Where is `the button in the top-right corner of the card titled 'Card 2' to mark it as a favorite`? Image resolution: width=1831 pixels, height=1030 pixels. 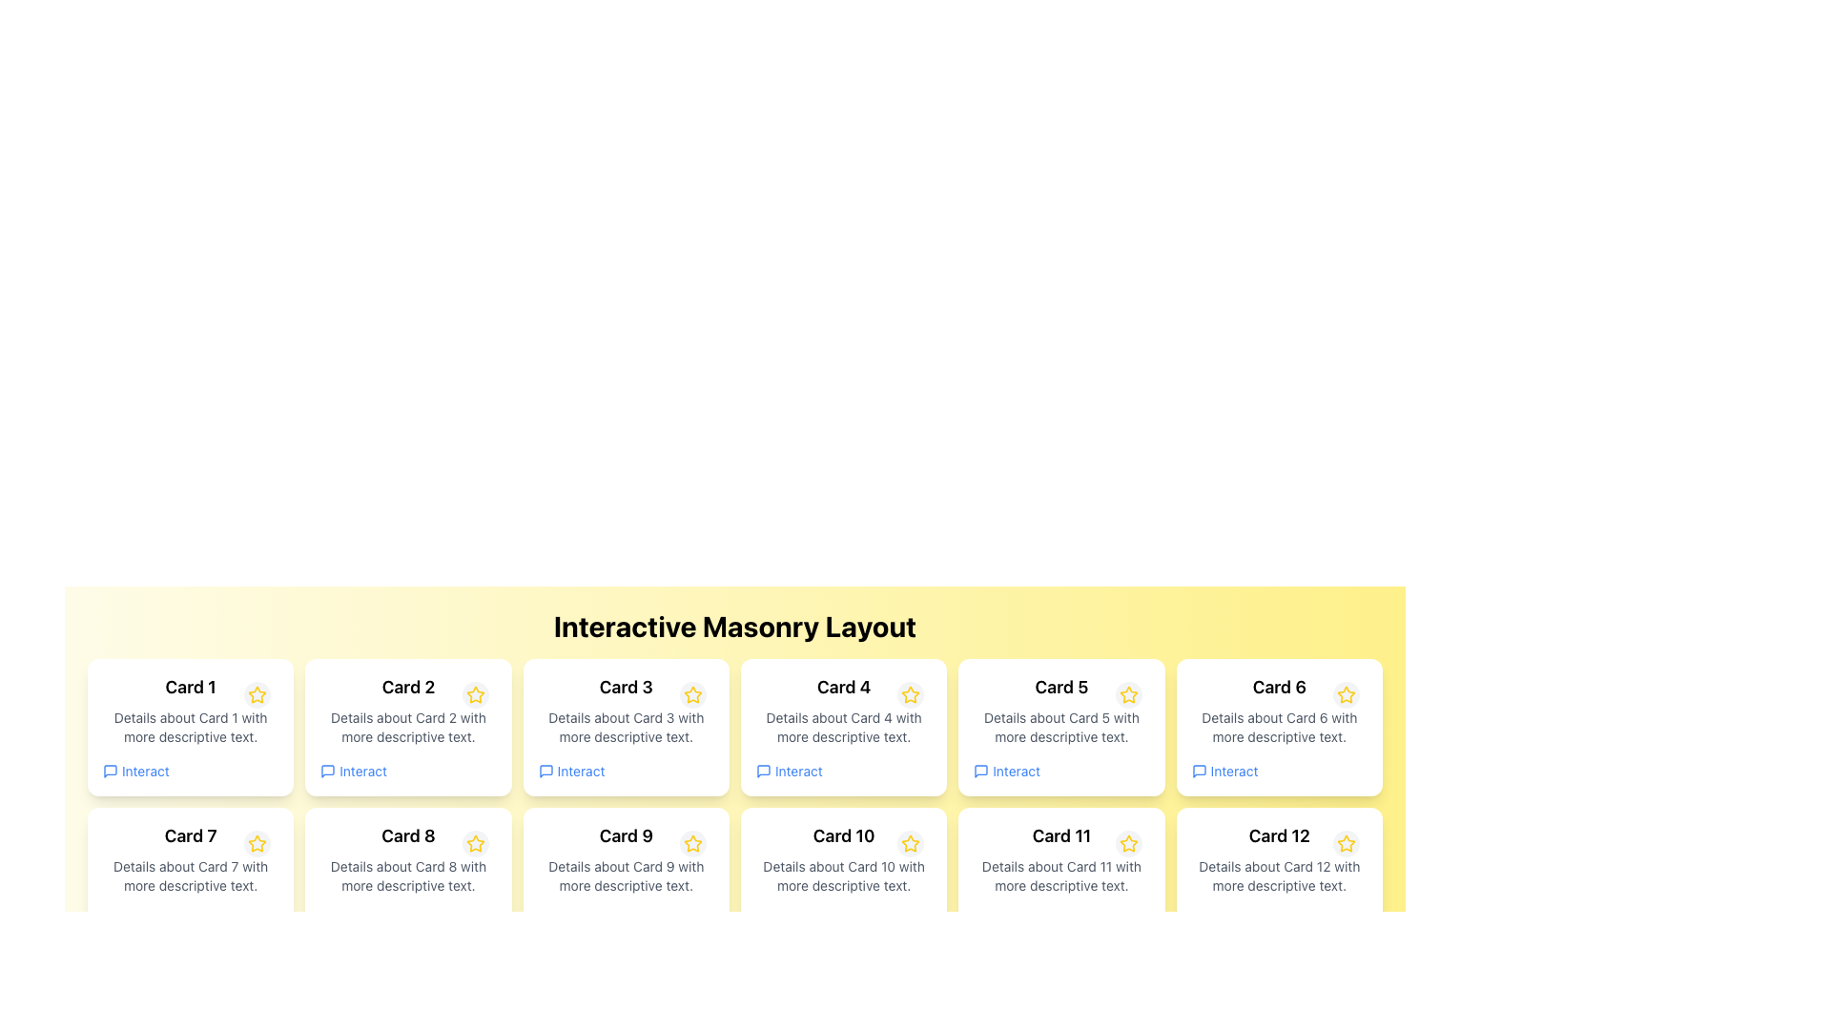 the button in the top-right corner of the card titled 'Card 2' to mark it as a favorite is located at coordinates (475, 695).